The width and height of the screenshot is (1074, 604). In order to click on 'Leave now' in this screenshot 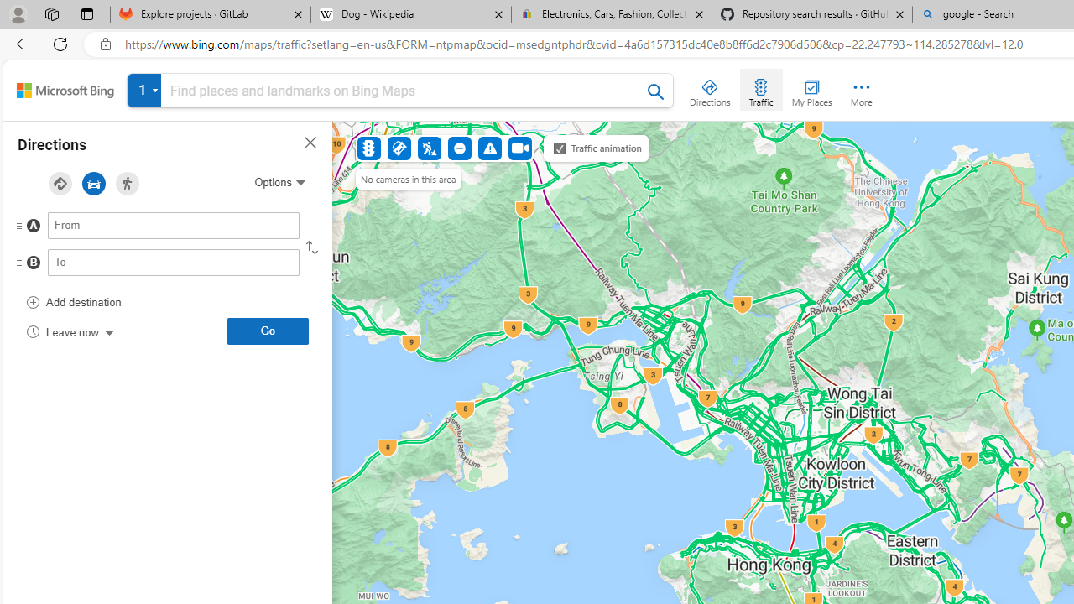, I will do `click(69, 331)`.